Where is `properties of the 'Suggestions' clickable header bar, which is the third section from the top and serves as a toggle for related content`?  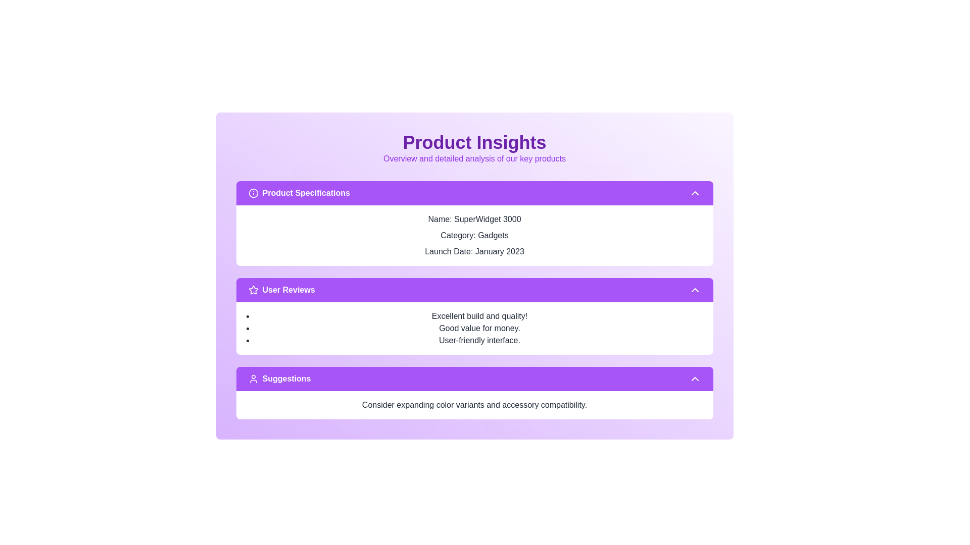 properties of the 'Suggestions' clickable header bar, which is the third section from the top and serves as a toggle for related content is located at coordinates (474, 379).